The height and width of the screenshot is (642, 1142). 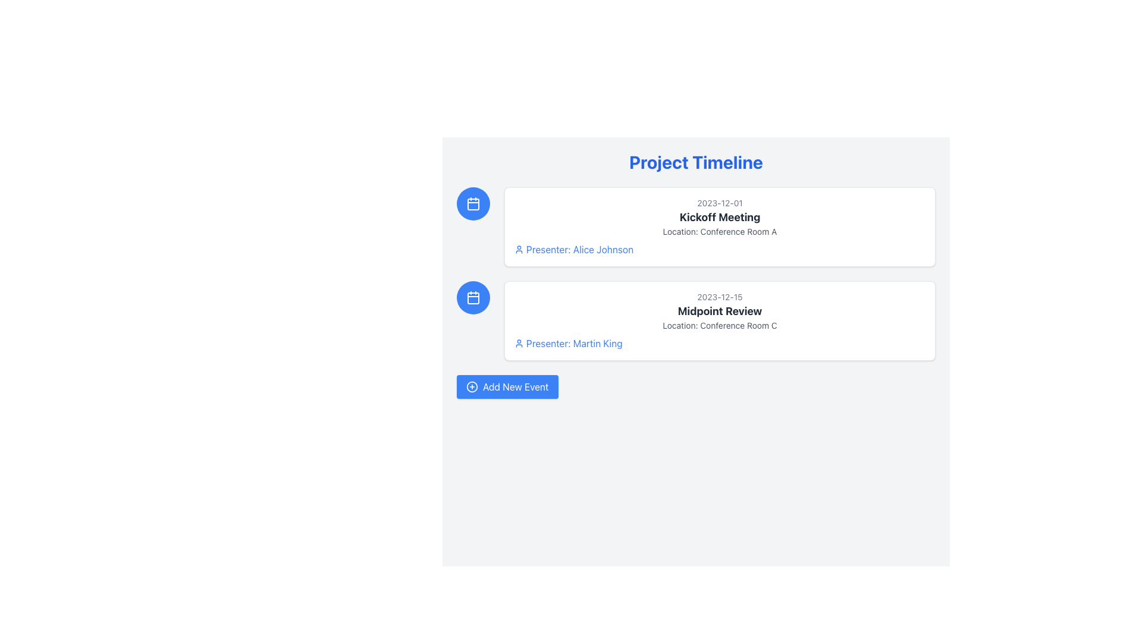 I want to click on the calendar icon, which is a visual identifier for the event category in the timeline, located in the left column adjacent to the second event details, so click(x=473, y=297).